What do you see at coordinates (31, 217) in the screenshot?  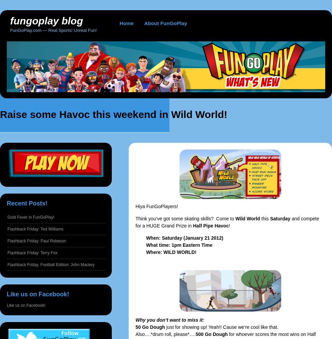 I see `'Gold Fever in FunGoPlay!'` at bounding box center [31, 217].